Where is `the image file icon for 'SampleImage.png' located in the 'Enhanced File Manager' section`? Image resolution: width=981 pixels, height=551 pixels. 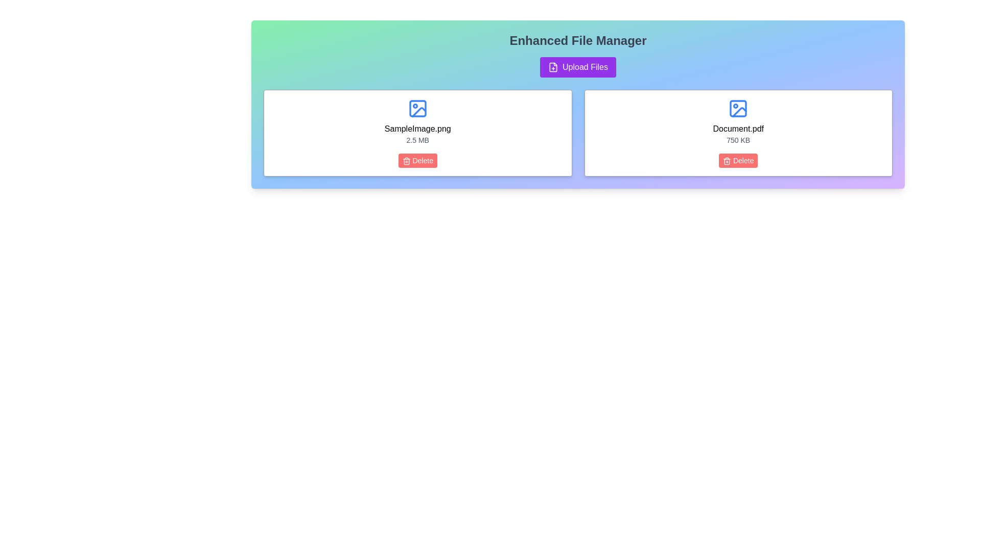
the image file icon for 'SampleImage.png' located in the 'Enhanced File Manager' section is located at coordinates (417, 108).